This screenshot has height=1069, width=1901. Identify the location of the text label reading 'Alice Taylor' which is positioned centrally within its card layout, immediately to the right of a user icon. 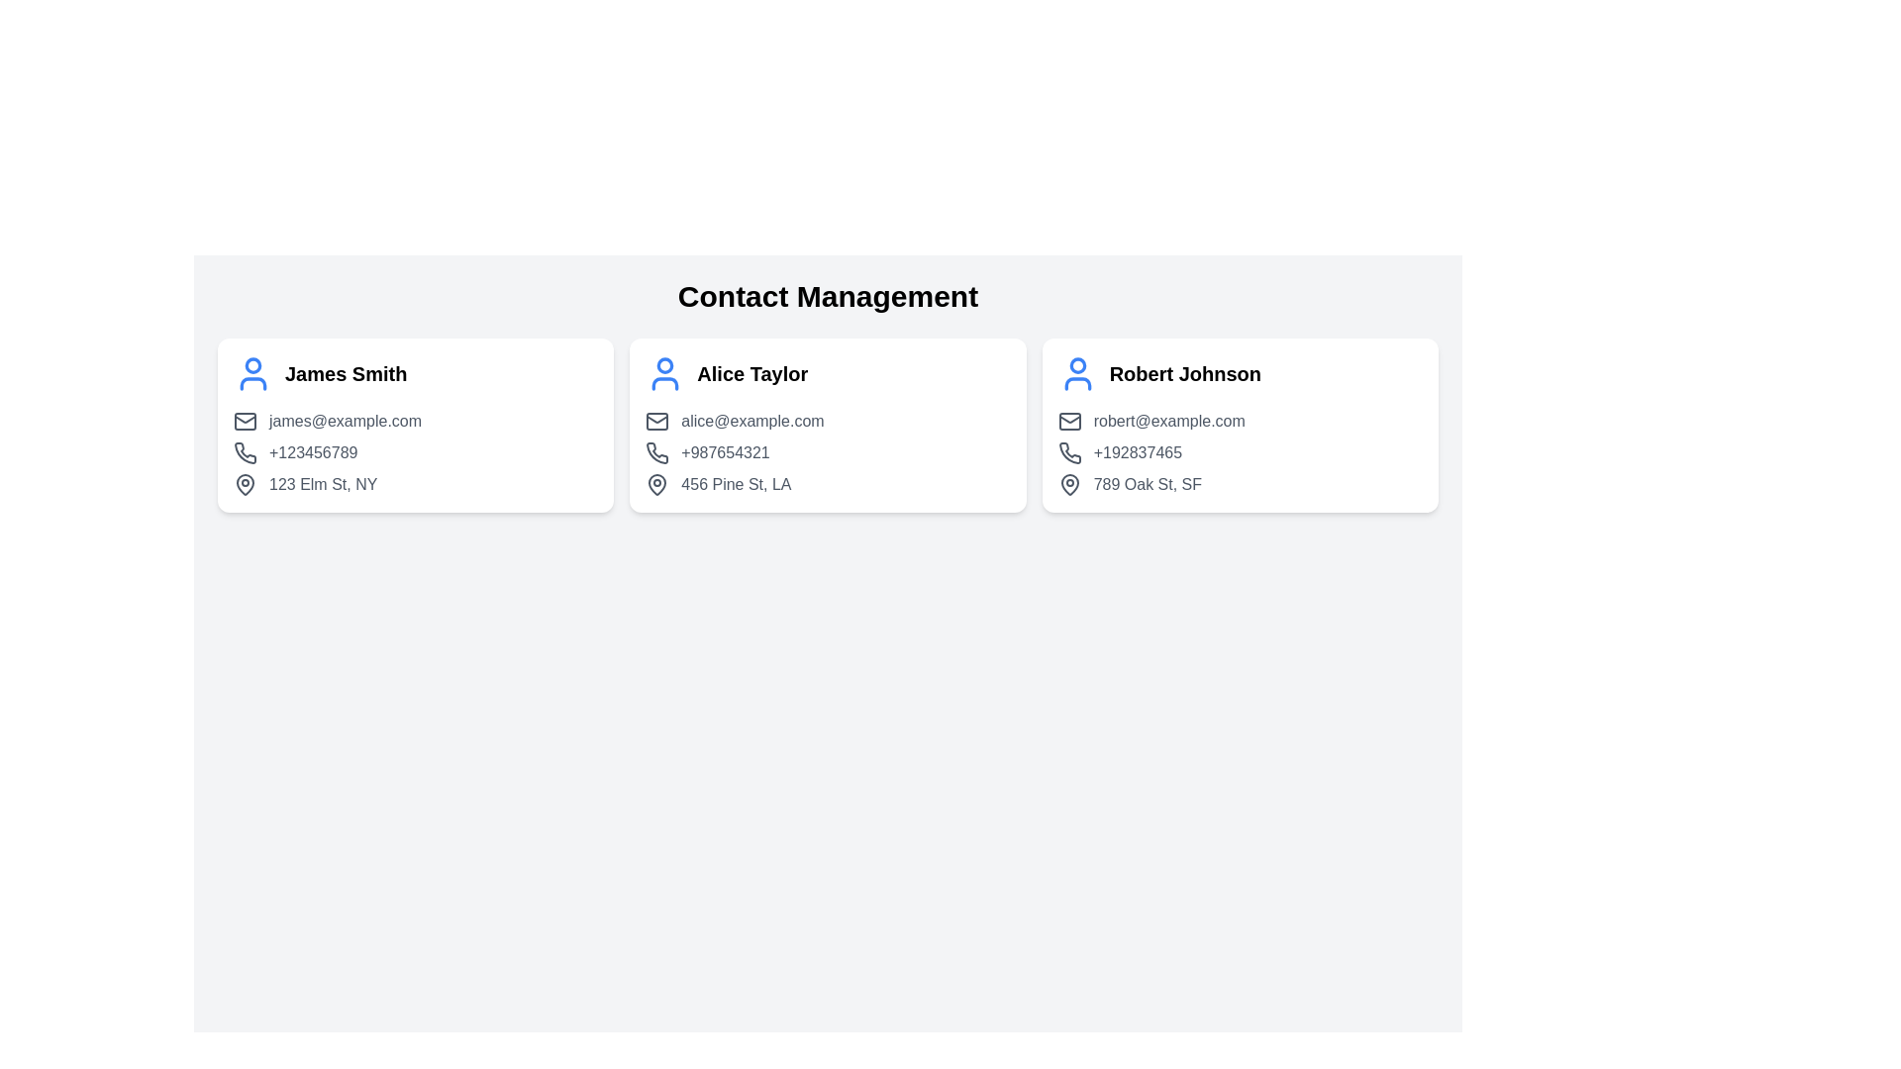
(751, 374).